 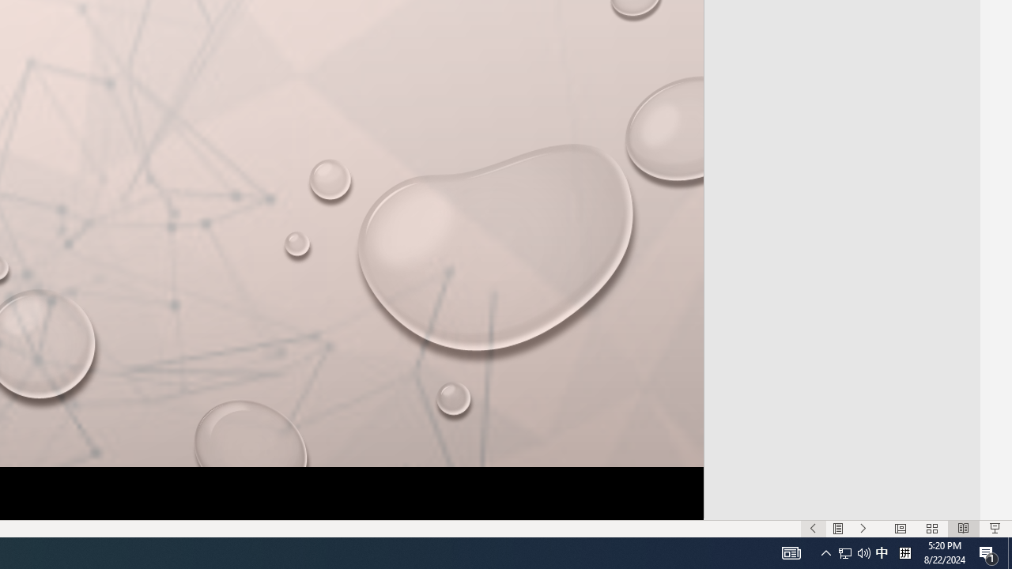 What do you see at coordinates (813, 529) in the screenshot?
I see `'Slide Show Previous On'` at bounding box center [813, 529].